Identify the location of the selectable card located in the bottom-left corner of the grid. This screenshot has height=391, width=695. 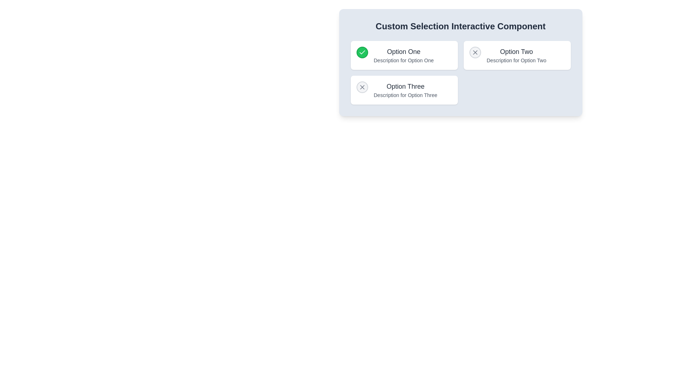
(404, 90).